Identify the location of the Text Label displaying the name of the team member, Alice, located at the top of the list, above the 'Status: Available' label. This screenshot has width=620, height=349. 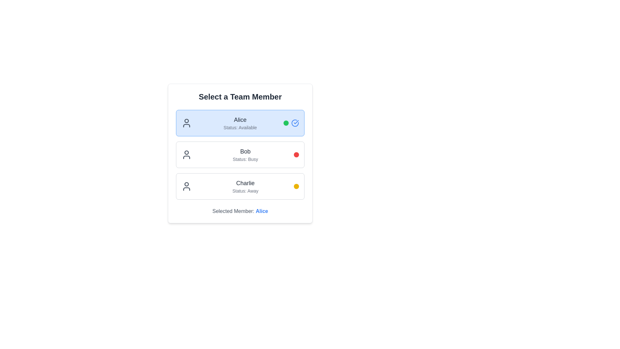
(240, 120).